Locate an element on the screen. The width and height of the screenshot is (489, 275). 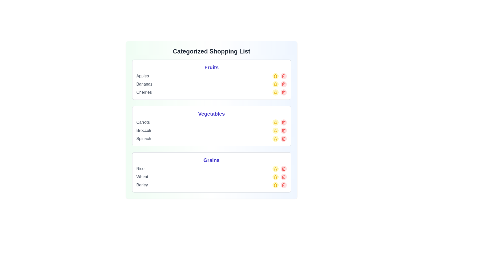
the delete button for the item Apples is located at coordinates (283, 76).